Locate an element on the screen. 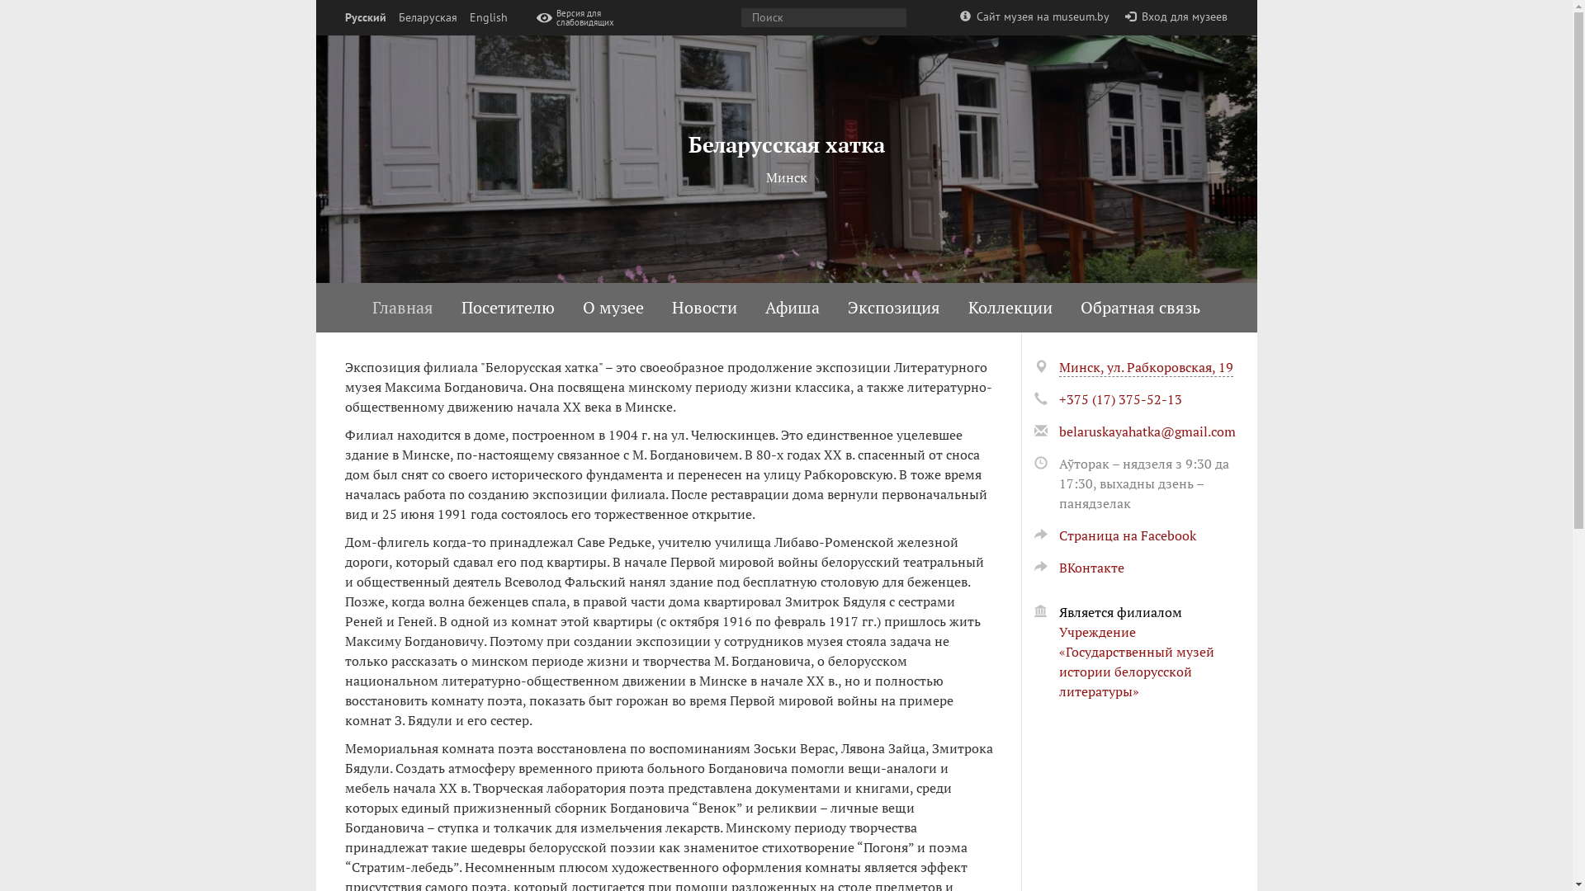 This screenshot has height=891, width=1585. '+375 (17) 375-52-13' is located at coordinates (1119, 398).